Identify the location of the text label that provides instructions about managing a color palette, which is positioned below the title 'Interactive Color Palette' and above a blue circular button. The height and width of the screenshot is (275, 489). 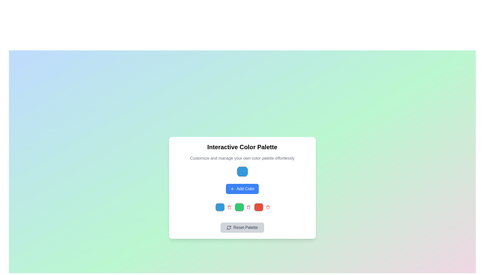
(242, 158).